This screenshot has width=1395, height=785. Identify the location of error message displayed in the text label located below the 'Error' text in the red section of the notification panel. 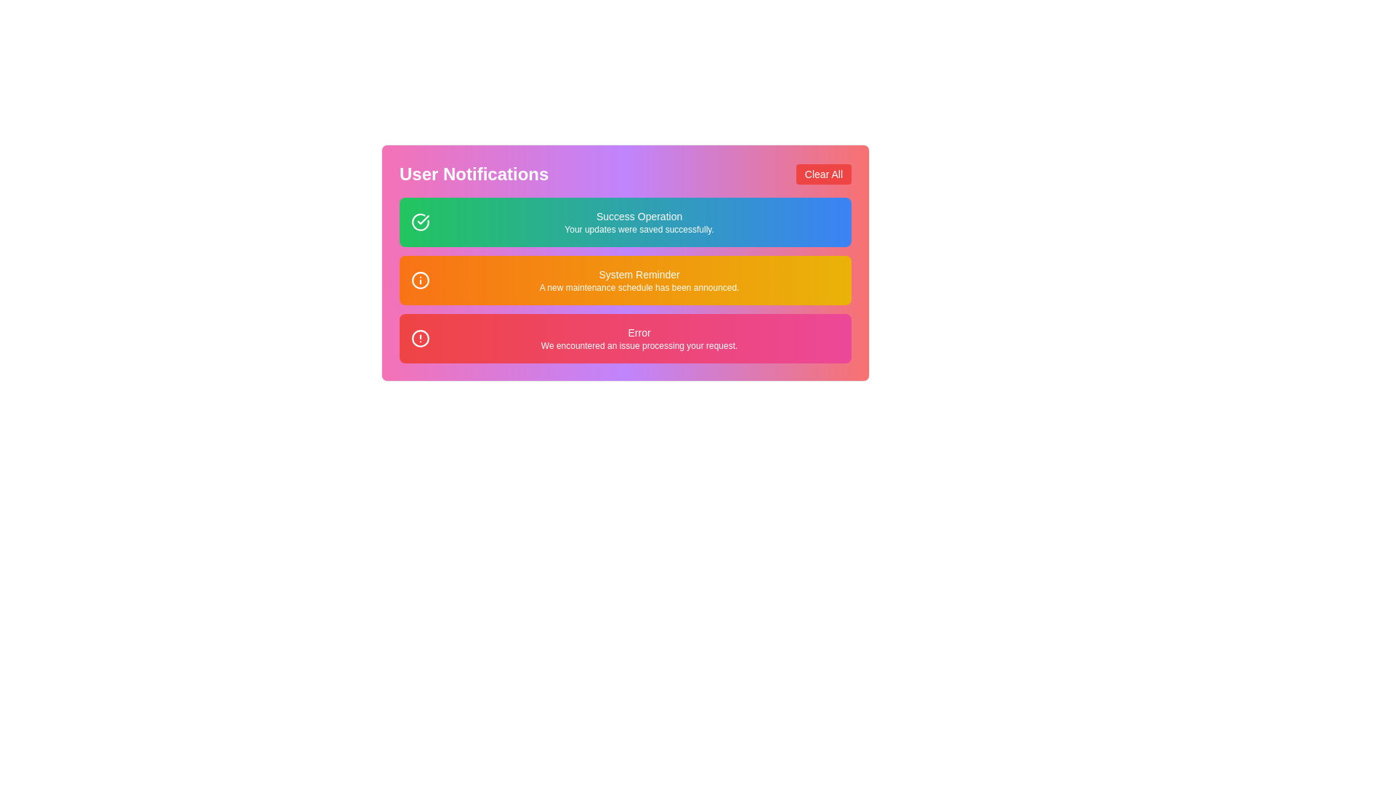
(639, 345).